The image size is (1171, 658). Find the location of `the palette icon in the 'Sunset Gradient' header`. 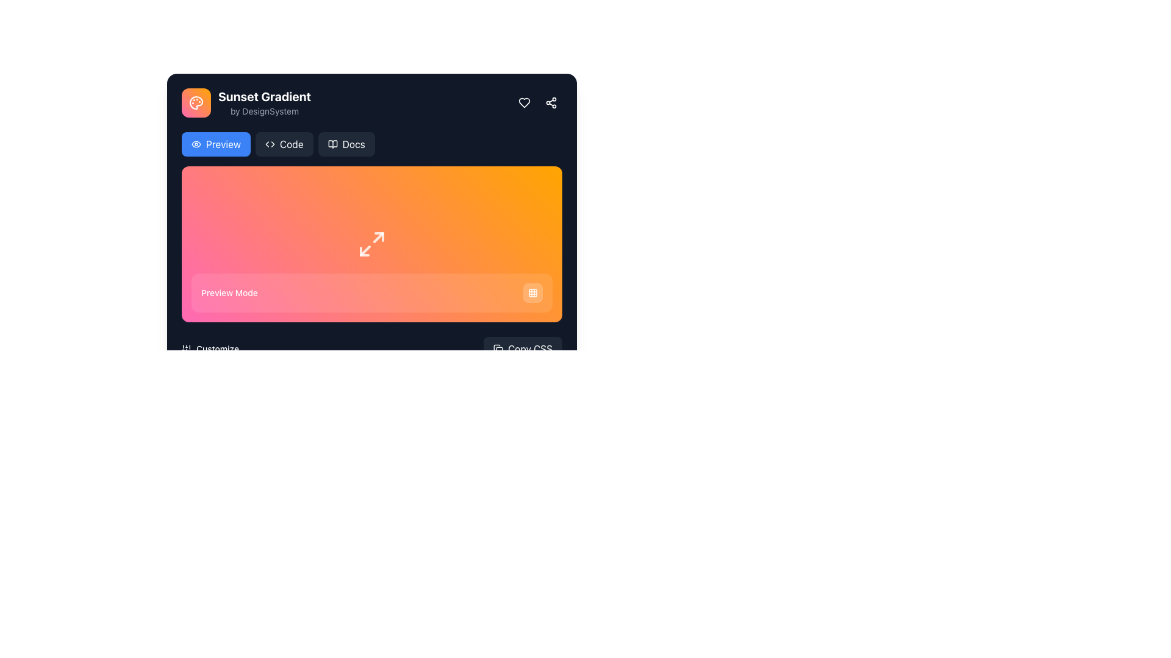

the palette icon in the 'Sunset Gradient' header is located at coordinates (245, 102).